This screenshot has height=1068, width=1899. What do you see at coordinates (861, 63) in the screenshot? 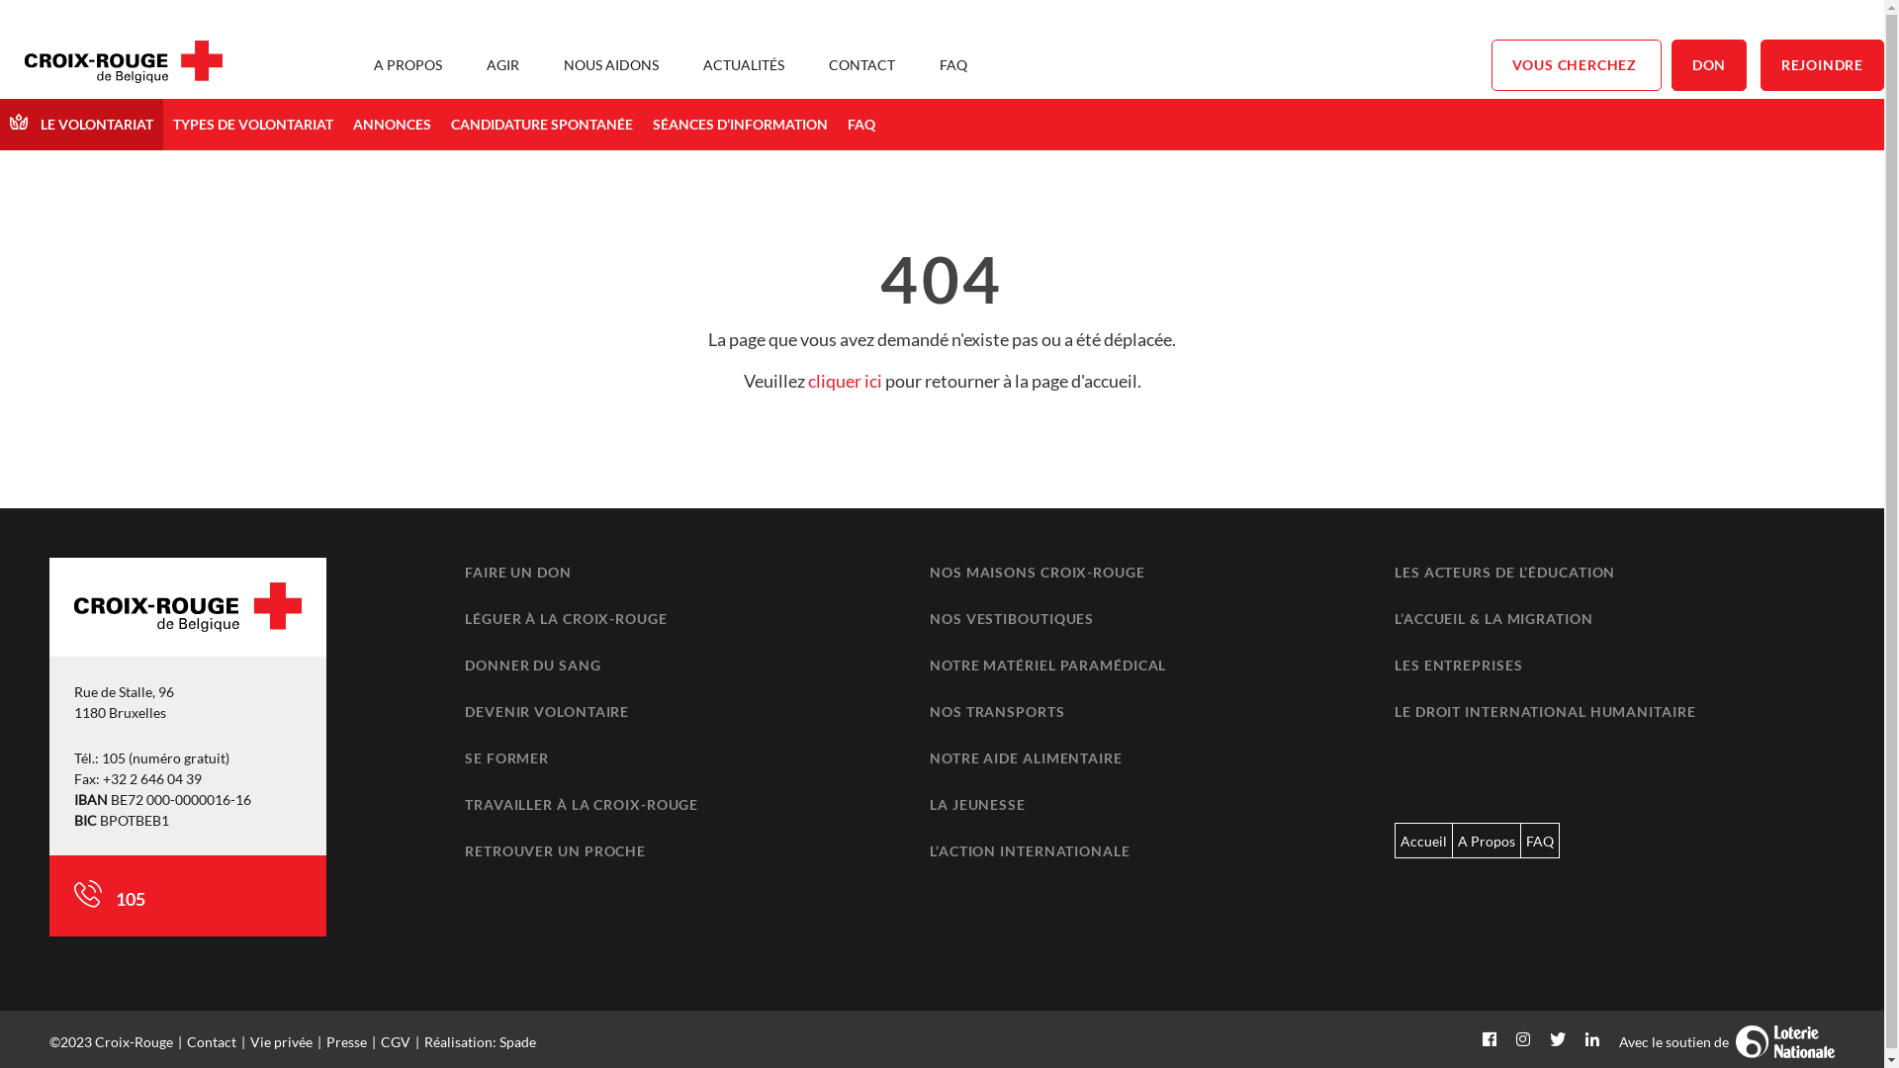
I see `'CONTACT'` at bounding box center [861, 63].